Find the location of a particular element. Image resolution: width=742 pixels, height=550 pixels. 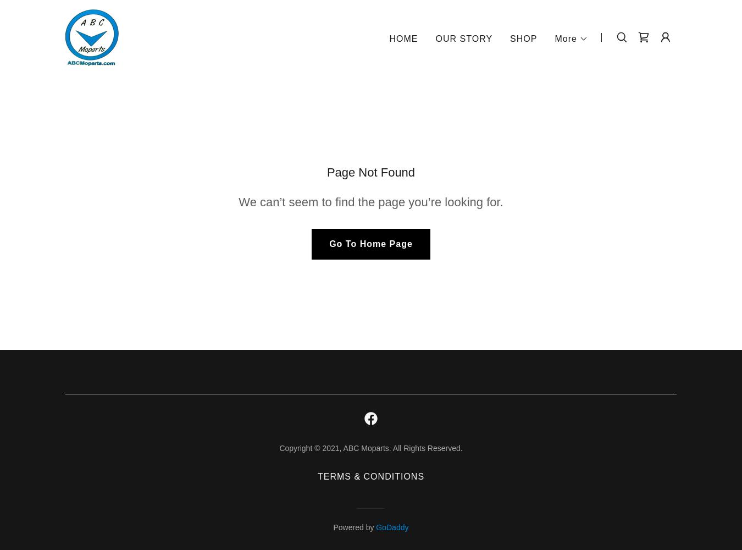

'Go To Home Page' is located at coordinates (370, 243).